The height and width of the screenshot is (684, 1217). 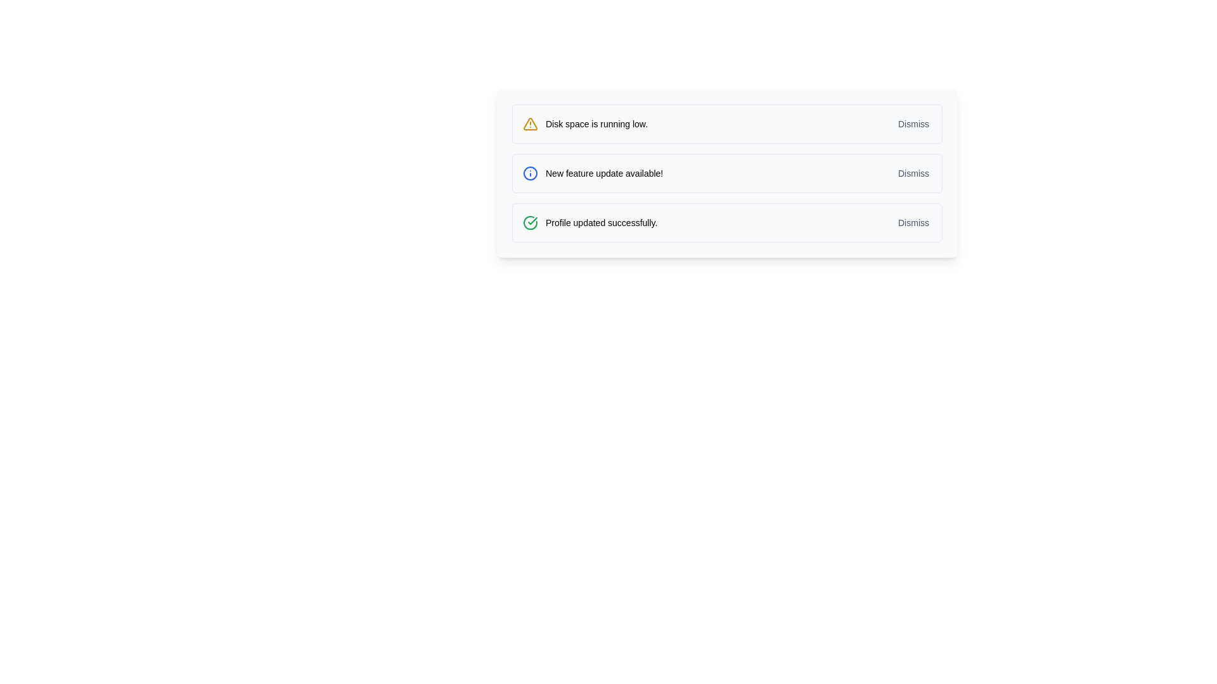 What do you see at coordinates (727, 173) in the screenshot?
I see `notification content of the notification bar that has a blue background and contains the message 'New feature update available!'` at bounding box center [727, 173].